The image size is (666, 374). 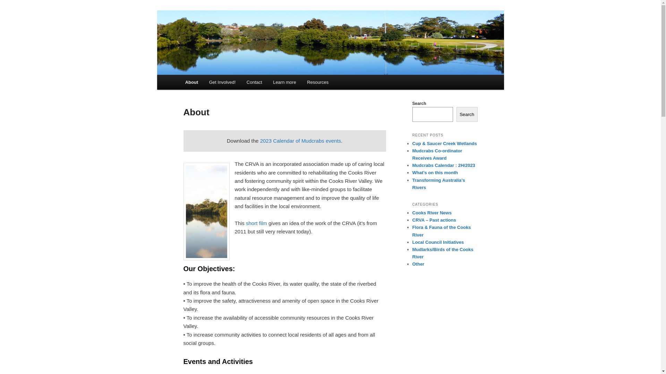 I want to click on 'Cooks River News', so click(x=412, y=212).